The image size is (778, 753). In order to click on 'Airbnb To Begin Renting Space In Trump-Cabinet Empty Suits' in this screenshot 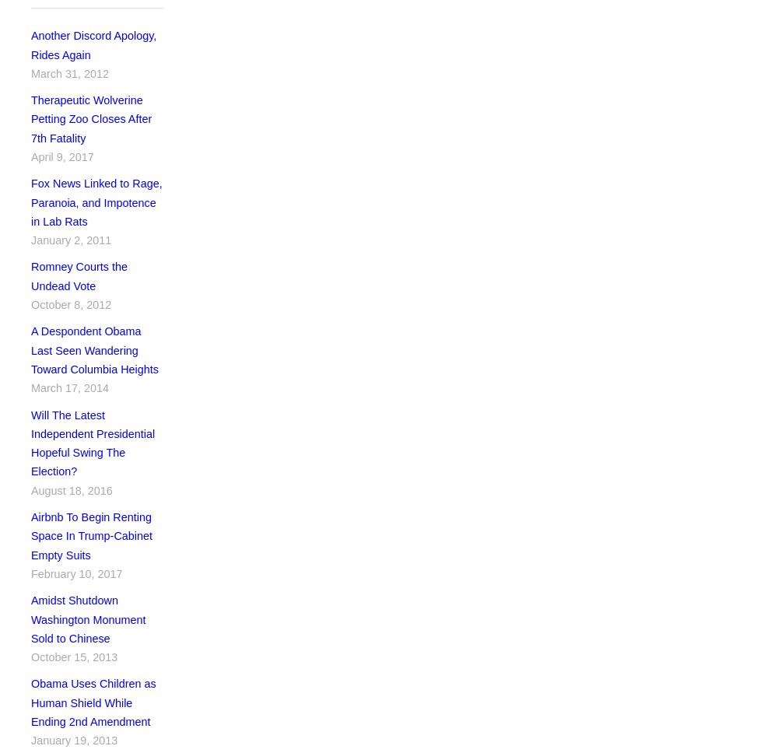, I will do `click(90, 535)`.